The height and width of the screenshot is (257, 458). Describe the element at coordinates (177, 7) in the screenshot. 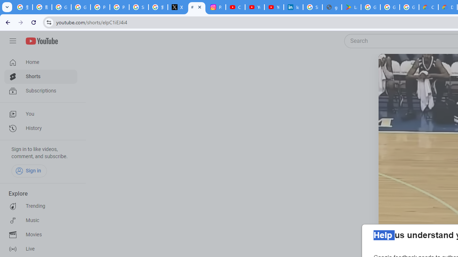

I see `'X'` at that location.